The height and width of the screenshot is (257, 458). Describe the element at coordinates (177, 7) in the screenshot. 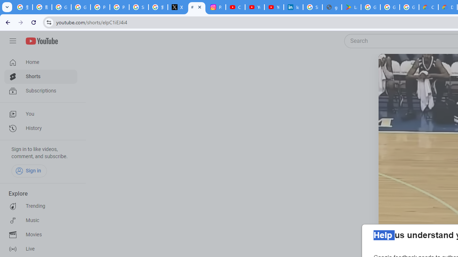

I see `'X'` at that location.